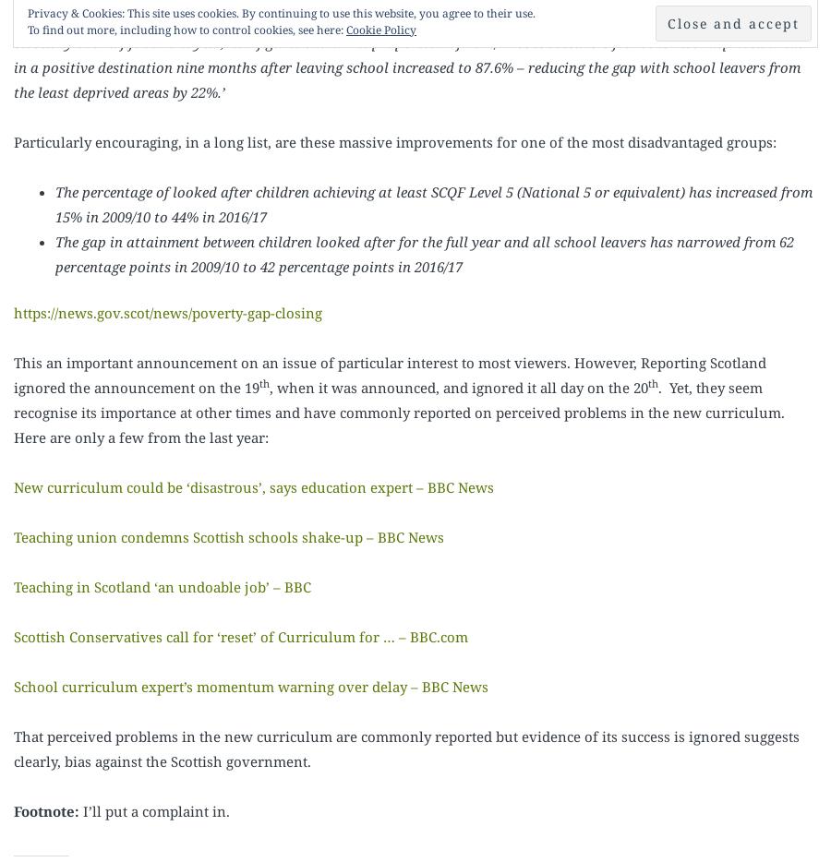 The image size is (831, 862). I want to click on 'https://news.gov.scot/news/poverty-gap-closing', so click(167, 312).